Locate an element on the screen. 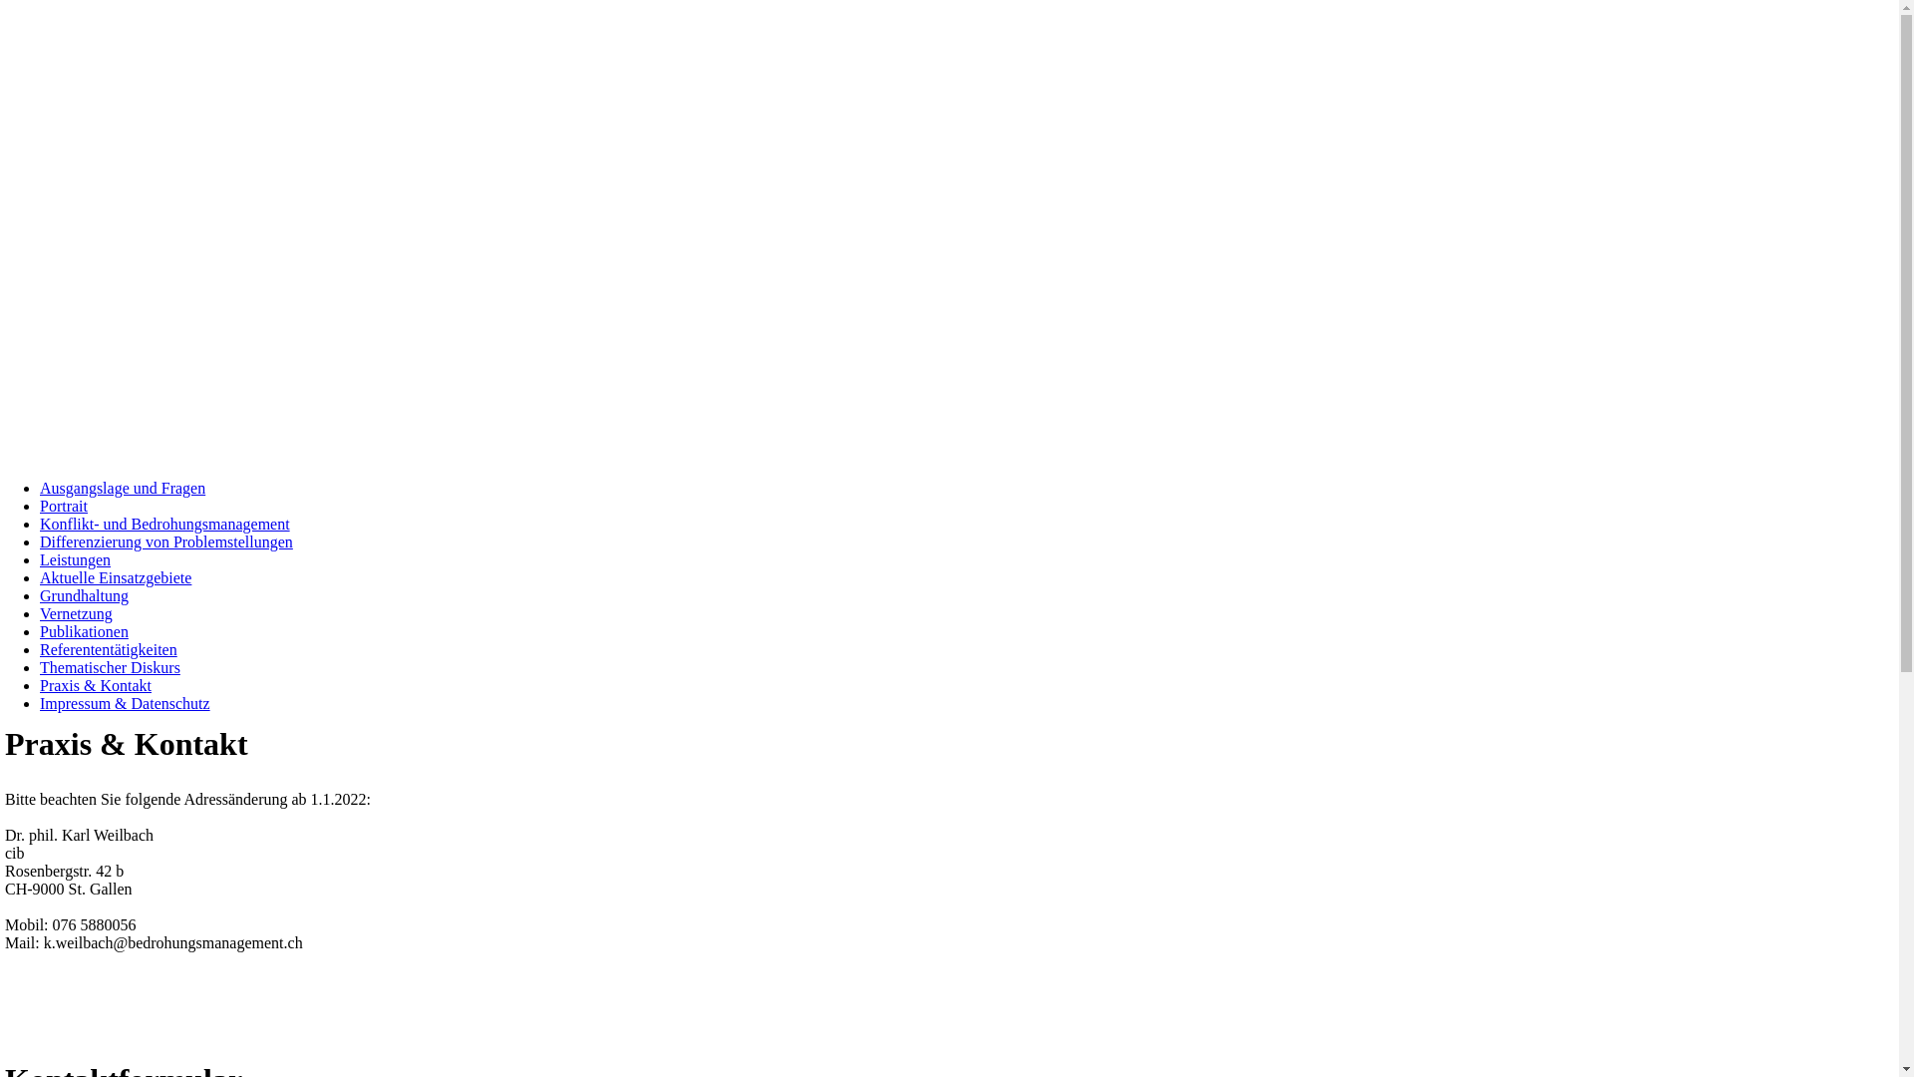 The image size is (1914, 1077). 'Ausgangslage und Fragen' is located at coordinates (39, 488).